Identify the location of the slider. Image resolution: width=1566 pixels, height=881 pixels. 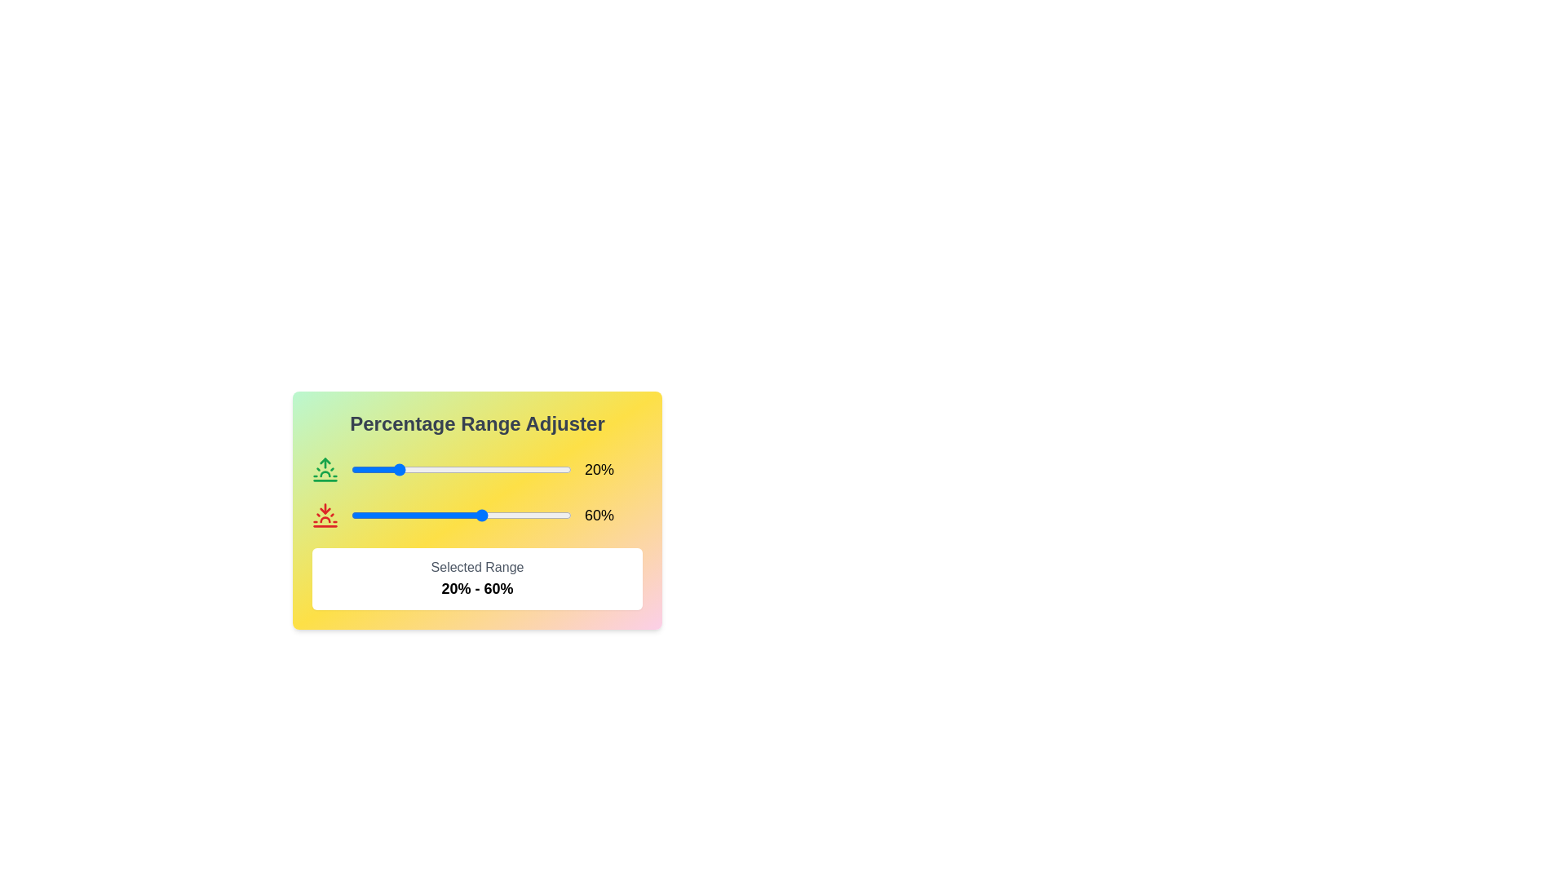
(386, 516).